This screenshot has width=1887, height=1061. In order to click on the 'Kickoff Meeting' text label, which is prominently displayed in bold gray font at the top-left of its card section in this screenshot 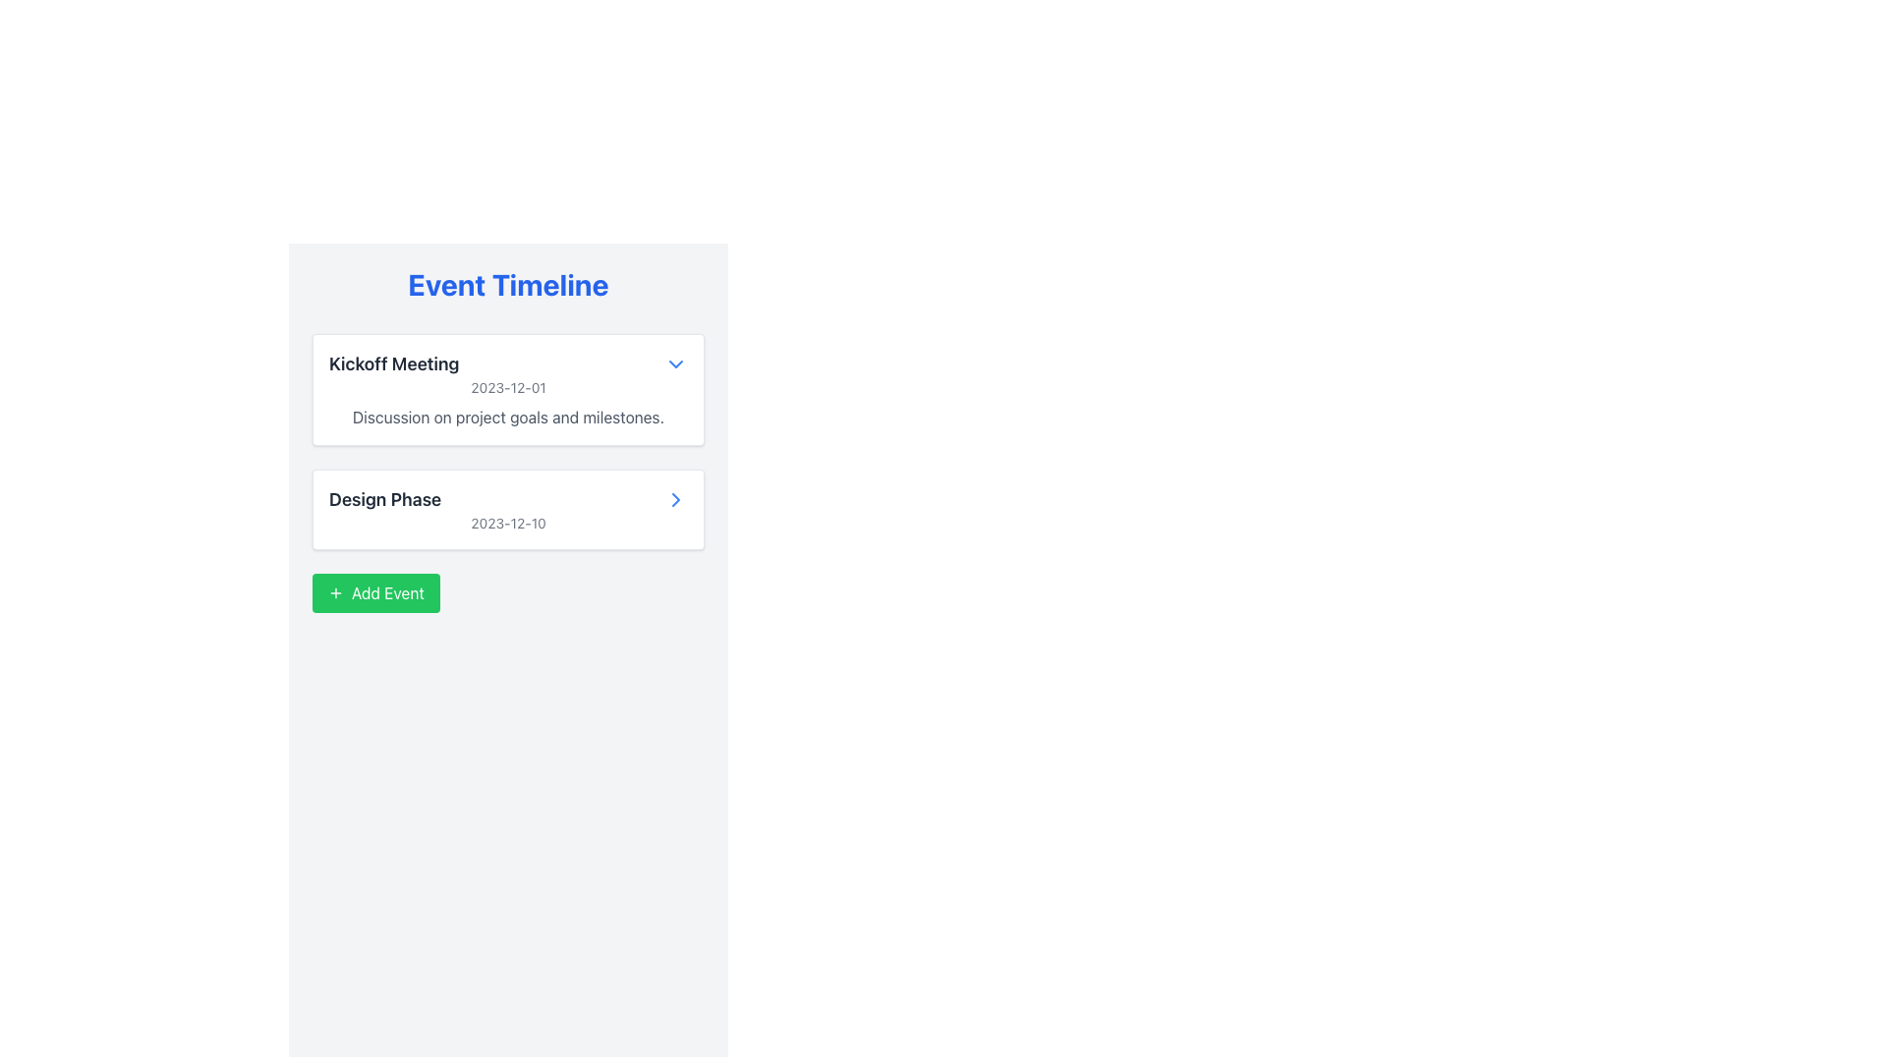, I will do `click(393, 363)`.